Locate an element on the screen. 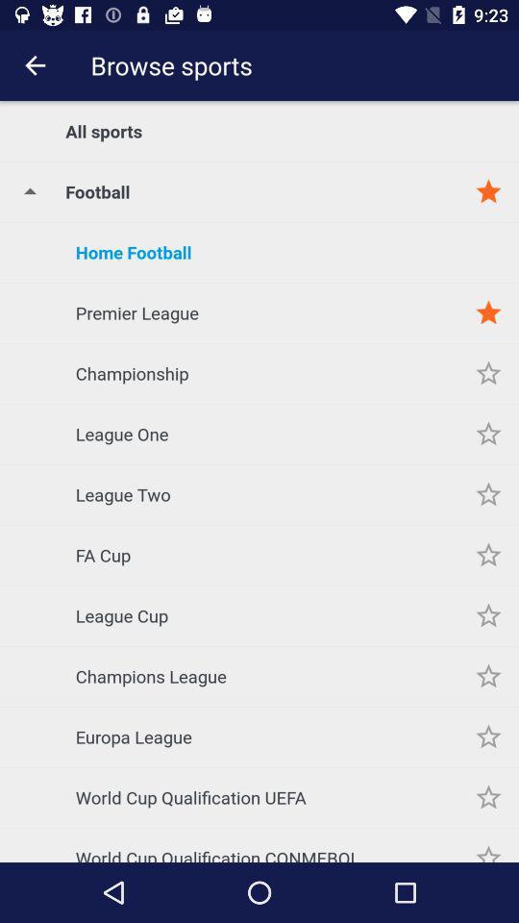 The image size is (519, 923). sport to favorites is located at coordinates (488, 797).